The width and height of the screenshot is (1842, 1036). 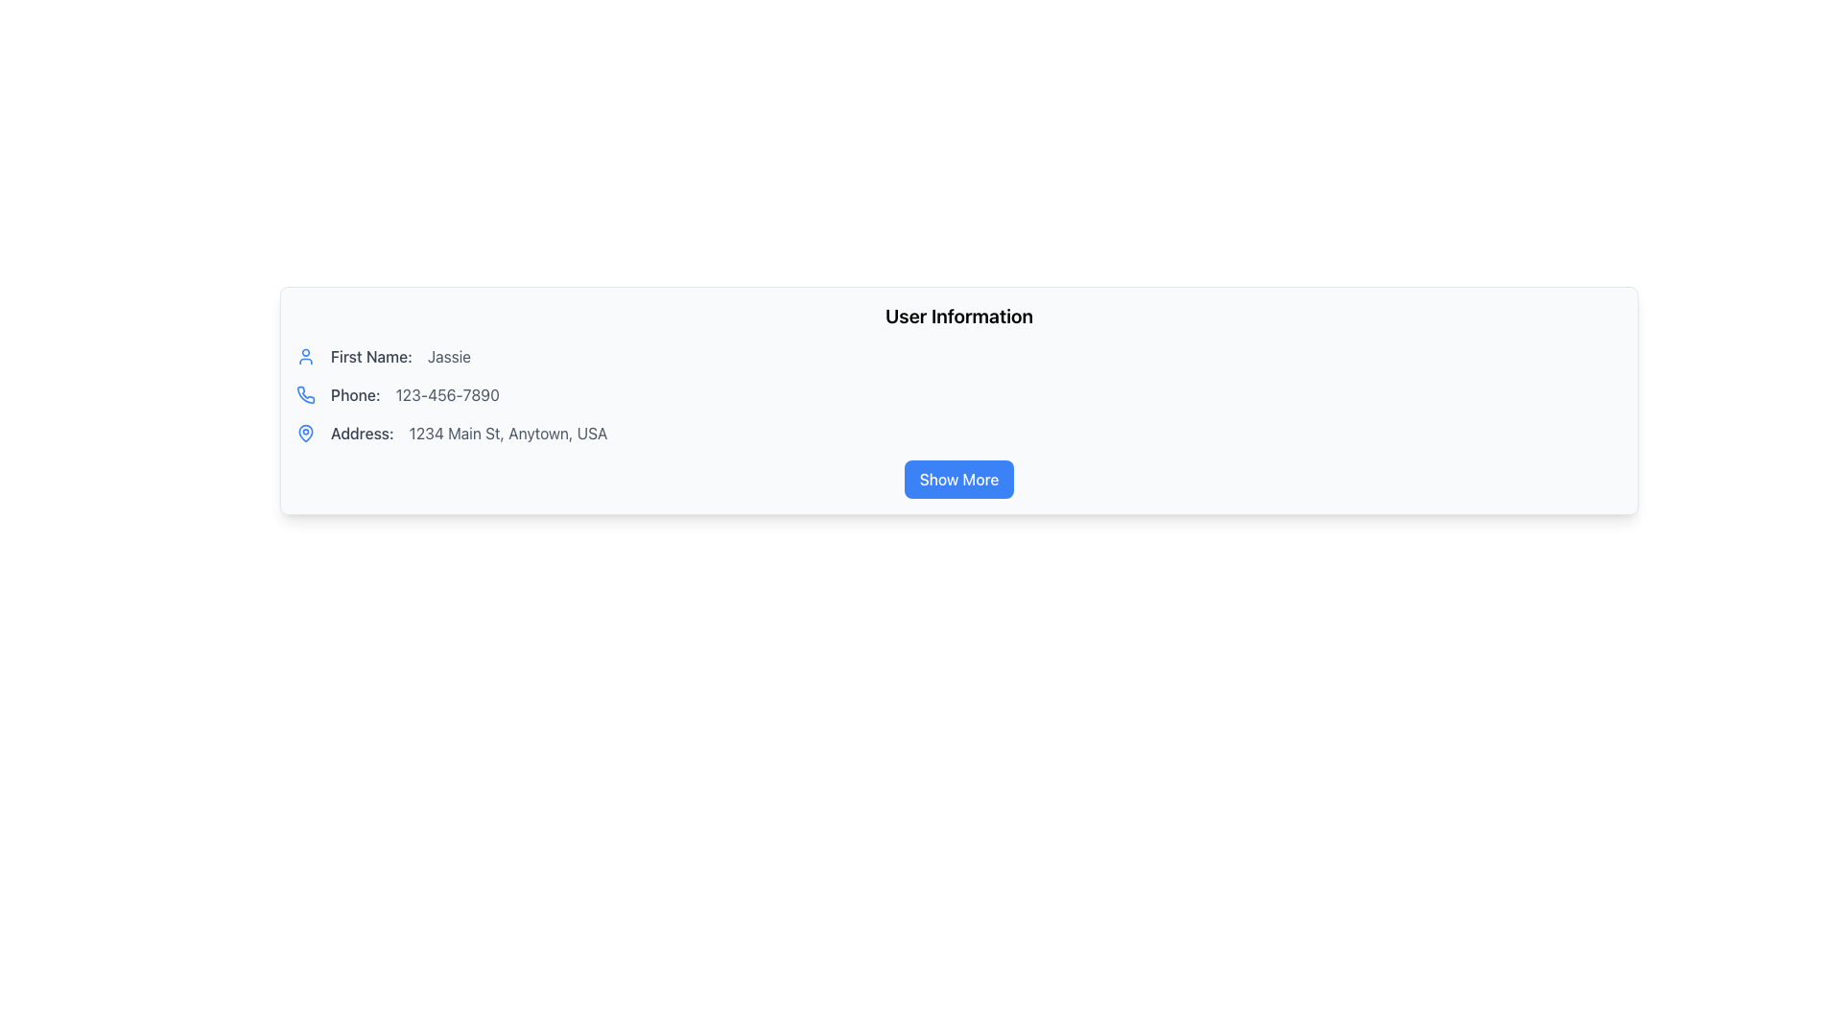 I want to click on the 'Address' icon located in the 'User Information' panel, which precedes the text '1234 Main St, Anytown, USA', so click(x=304, y=433).